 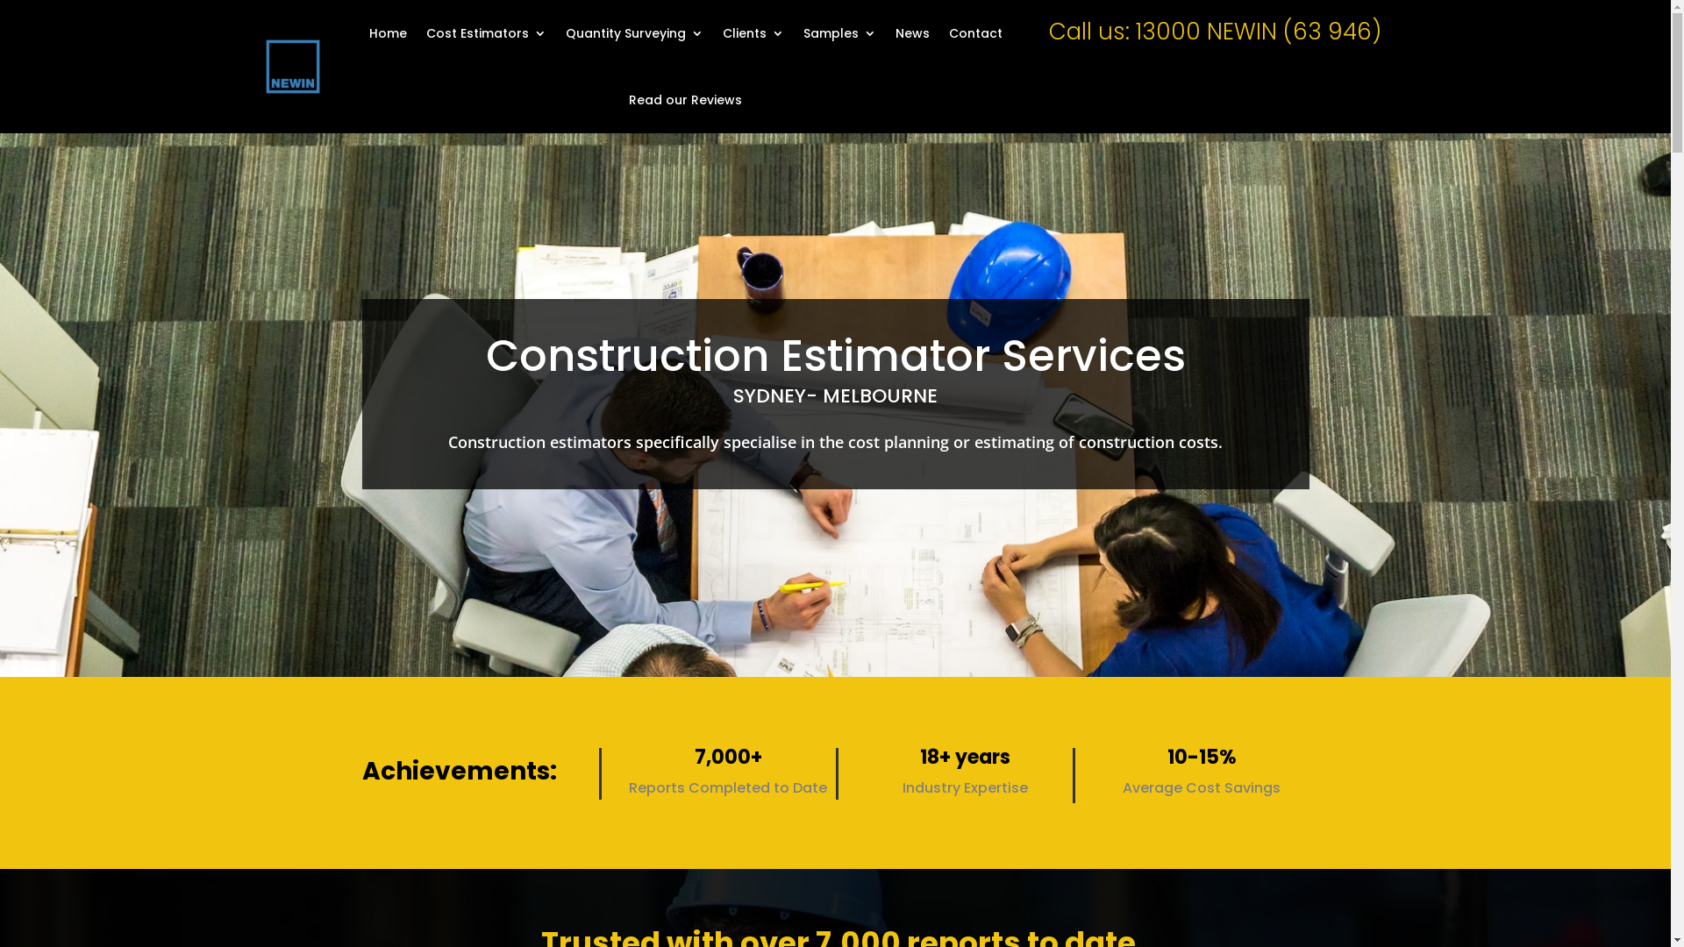 I want to click on 'Samples', so click(x=803, y=33).